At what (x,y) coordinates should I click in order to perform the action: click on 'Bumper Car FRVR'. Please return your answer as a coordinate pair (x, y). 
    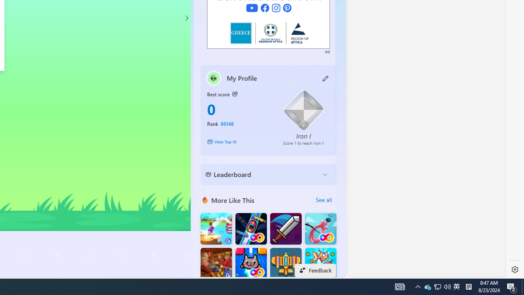
    Looking at the image, I should click on (251, 229).